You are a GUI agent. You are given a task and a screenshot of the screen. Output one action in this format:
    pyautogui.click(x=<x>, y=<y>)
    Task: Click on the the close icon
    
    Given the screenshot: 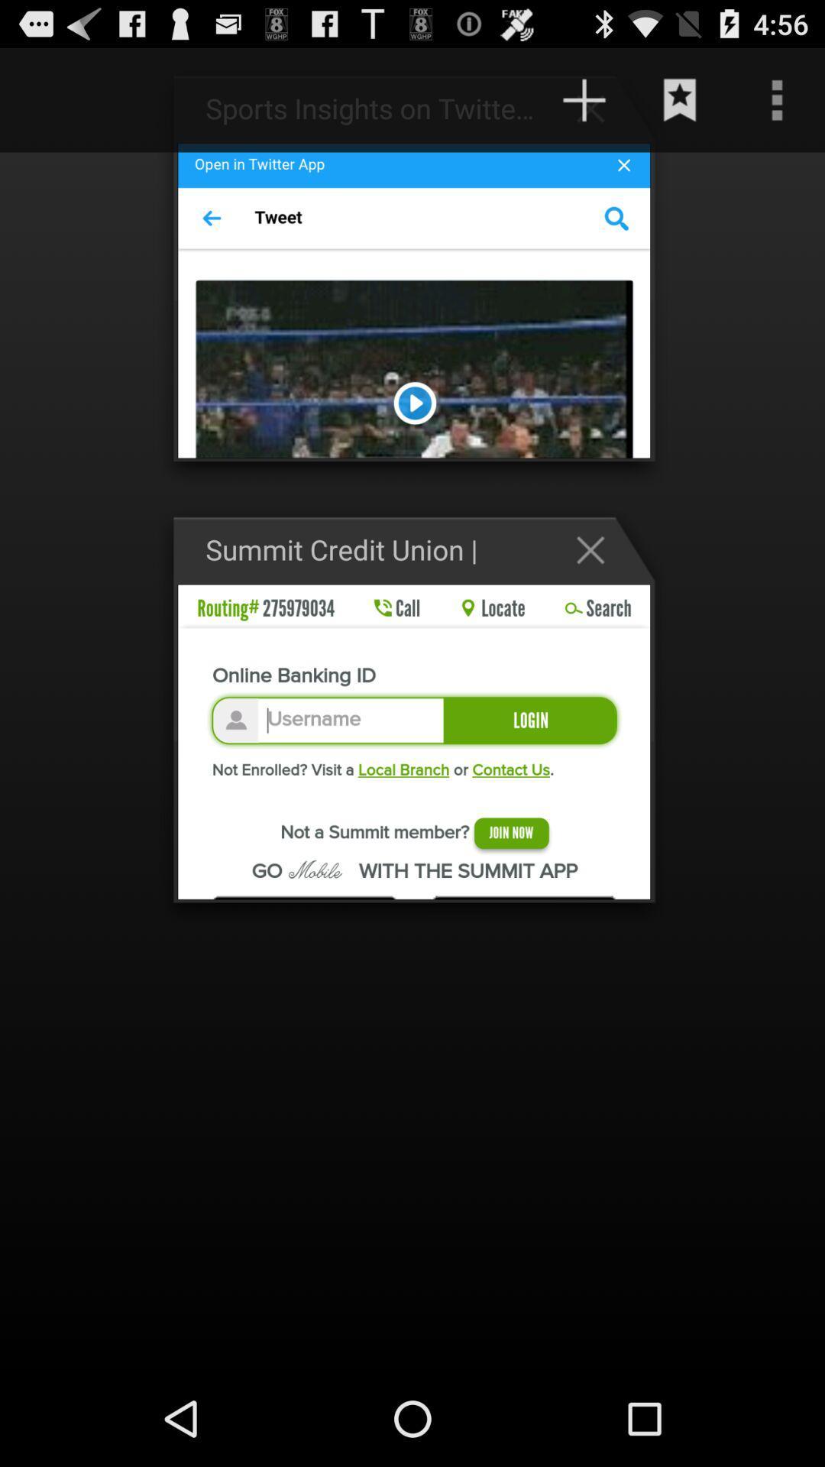 What is the action you would take?
    pyautogui.click(x=597, y=587)
    